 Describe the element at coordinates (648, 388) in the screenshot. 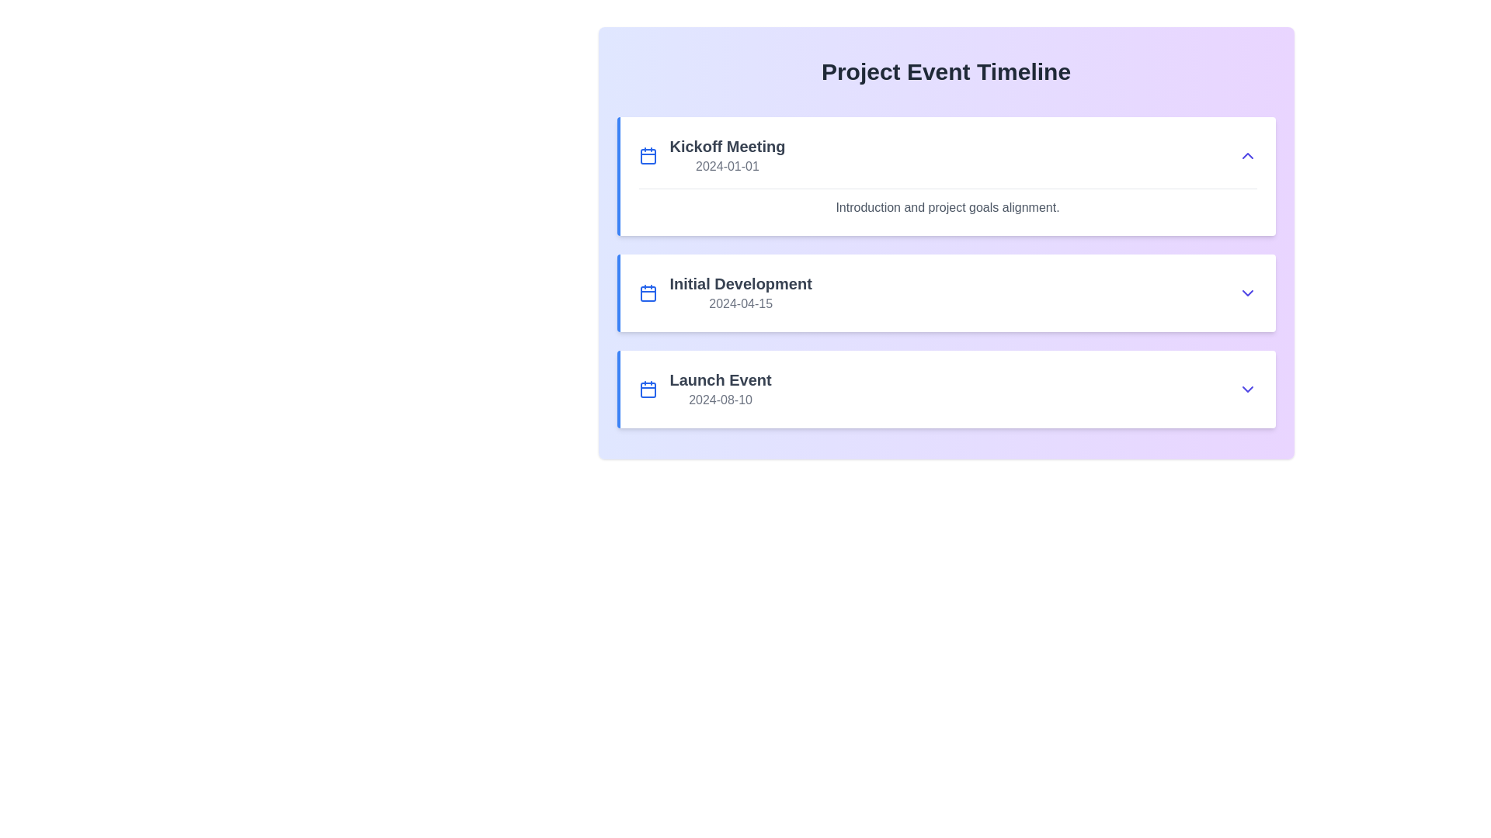

I see `the calendar icon located to the left of the 'Launch Event' text and above the date '2024-08-10' in the third event card of the 'Project Event Timeline' list` at that location.